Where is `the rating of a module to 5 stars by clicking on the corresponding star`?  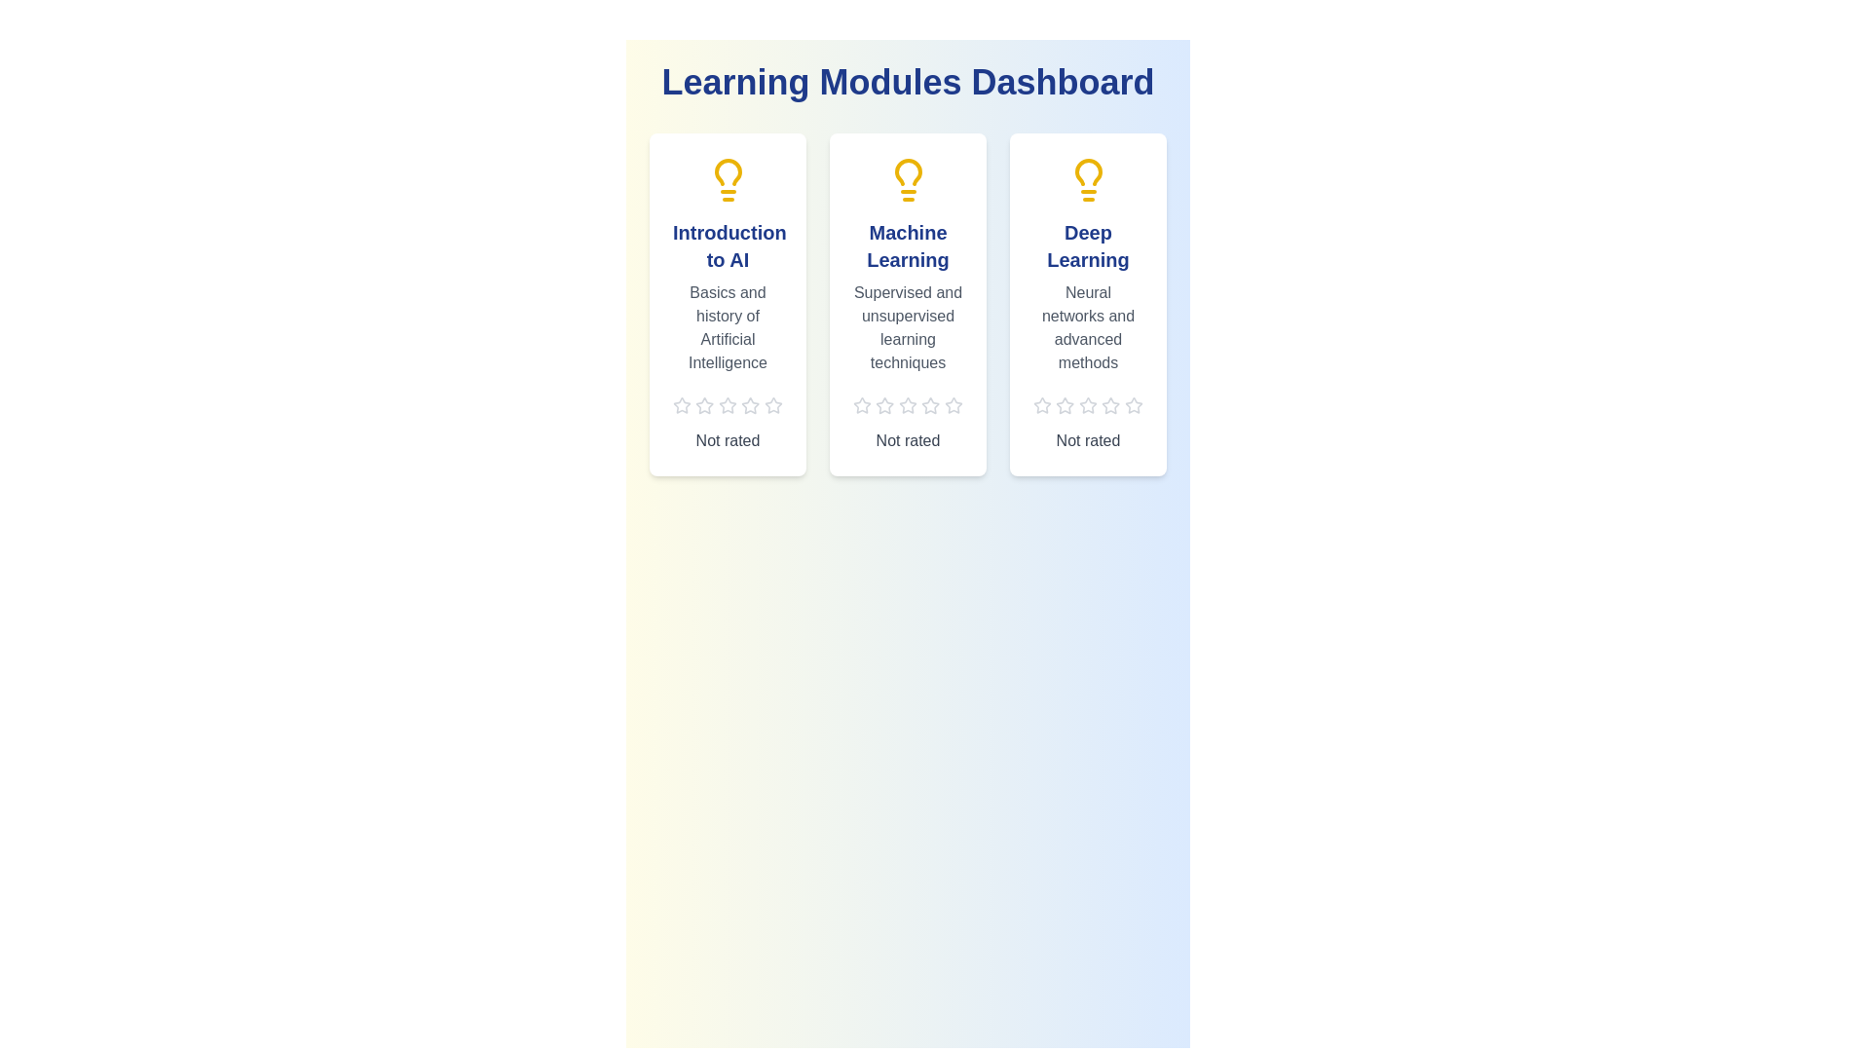 the rating of a module to 5 stars by clicking on the corresponding star is located at coordinates (772, 404).